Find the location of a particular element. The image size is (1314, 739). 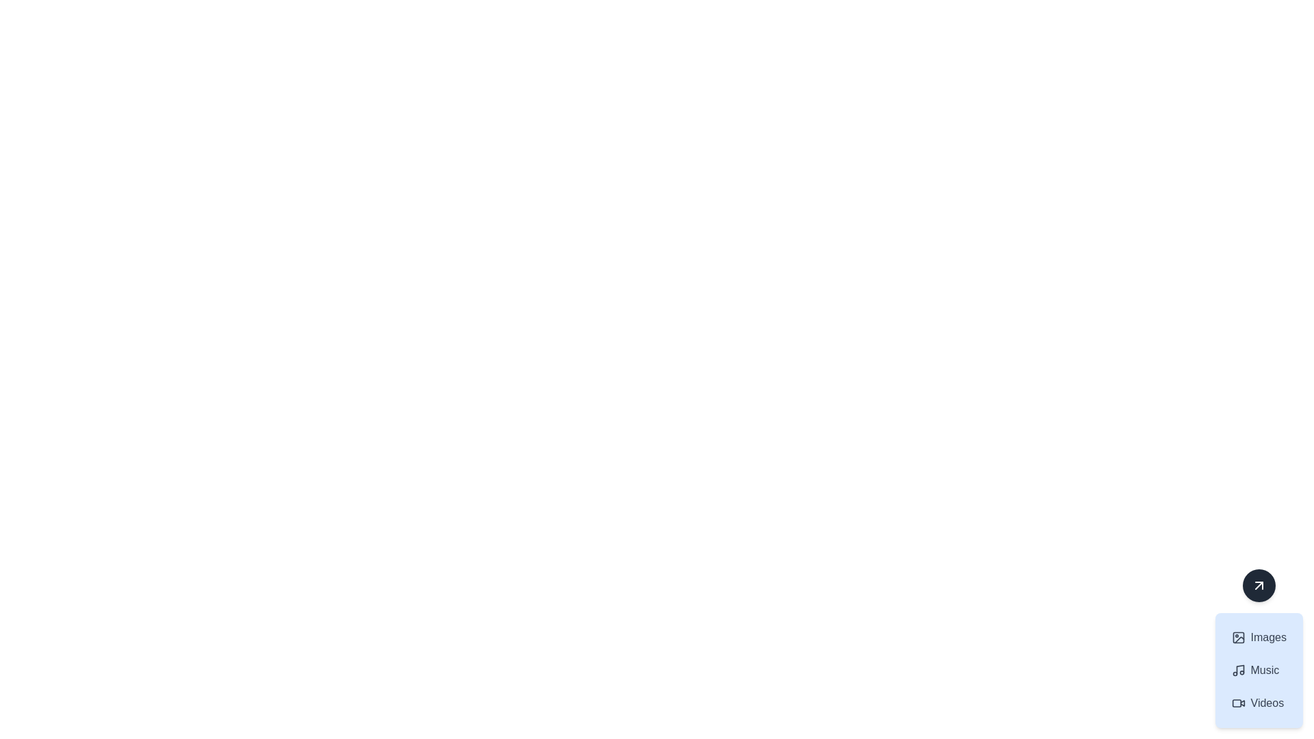

the musical note icon which is styled in gray color and located to the immediate left of the 'Music' text label in a vertical menu list is located at coordinates (1238, 669).